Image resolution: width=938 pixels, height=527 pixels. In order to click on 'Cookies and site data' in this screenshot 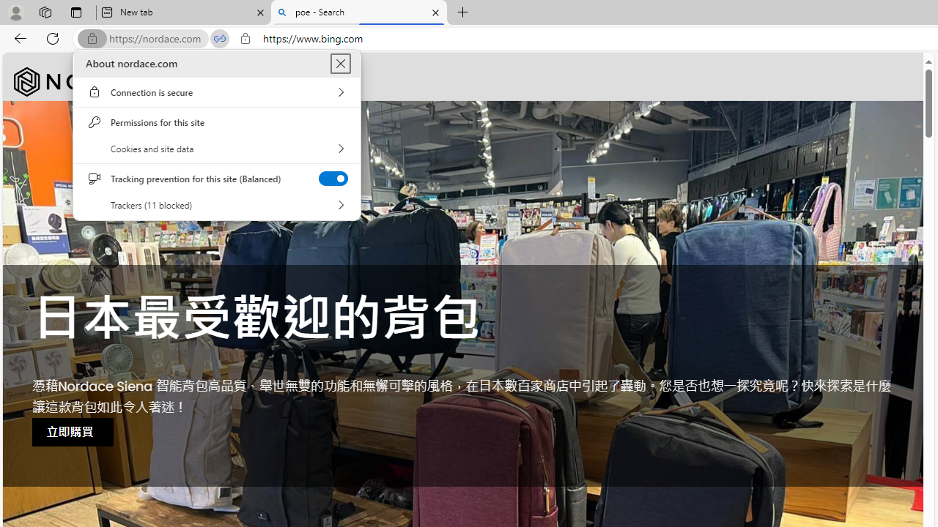, I will do `click(216, 149)`.